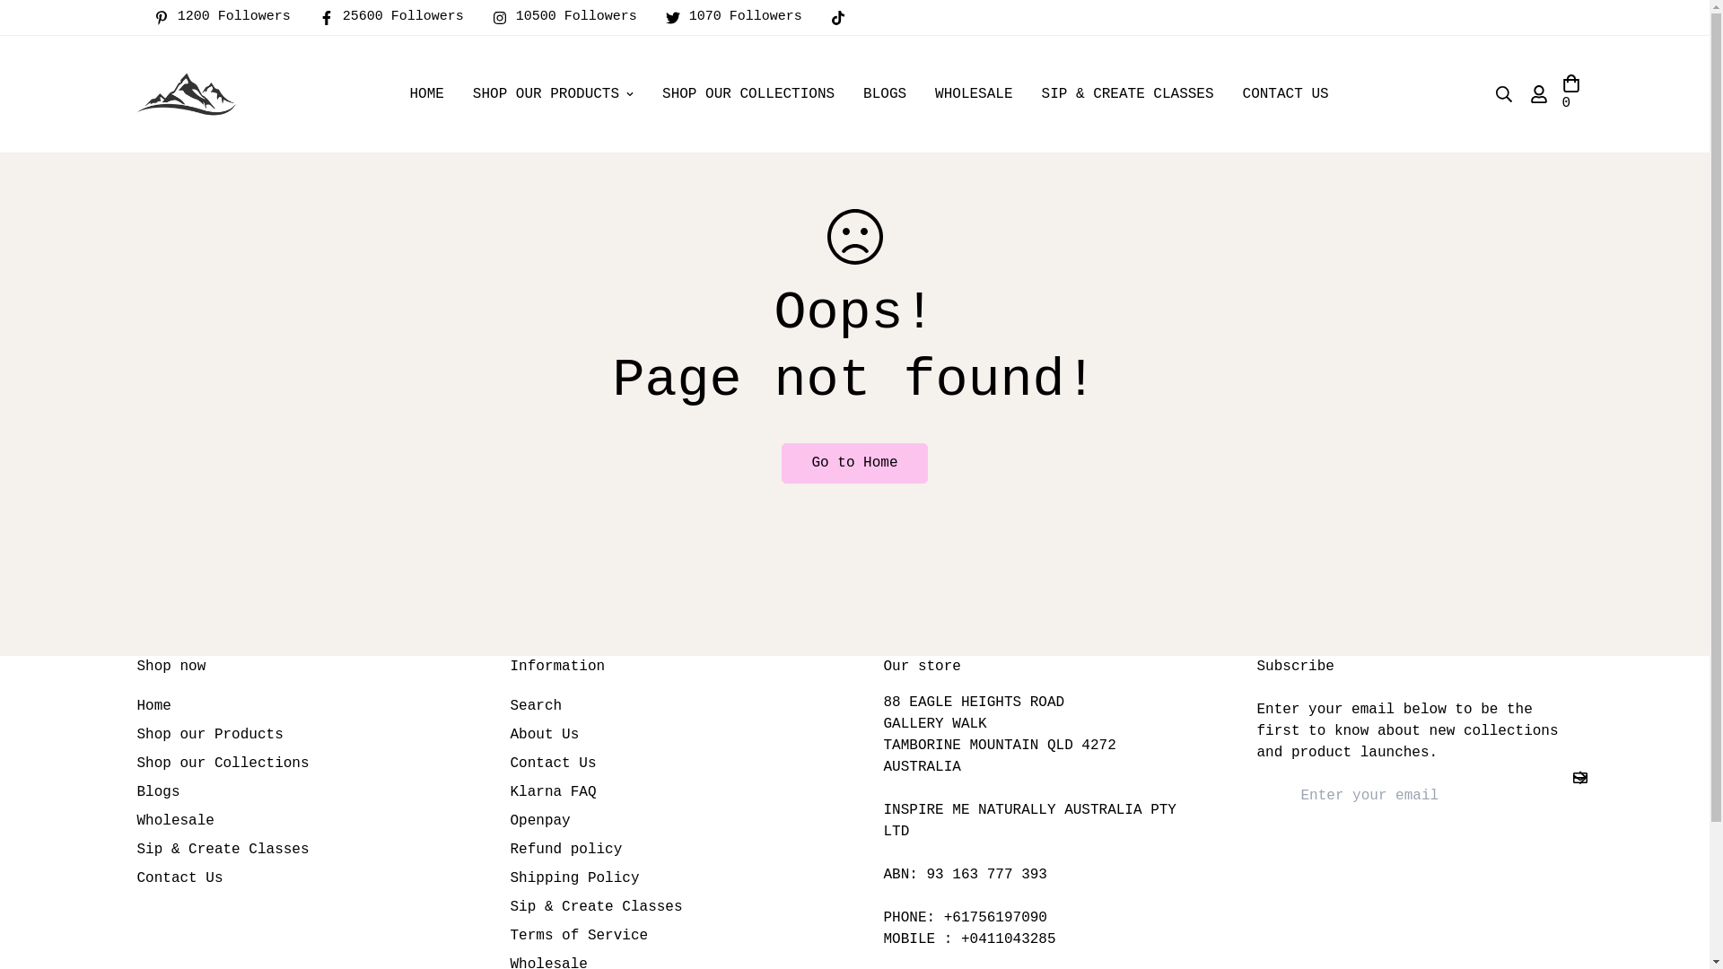  I want to click on '+0411043285', so click(959, 938).